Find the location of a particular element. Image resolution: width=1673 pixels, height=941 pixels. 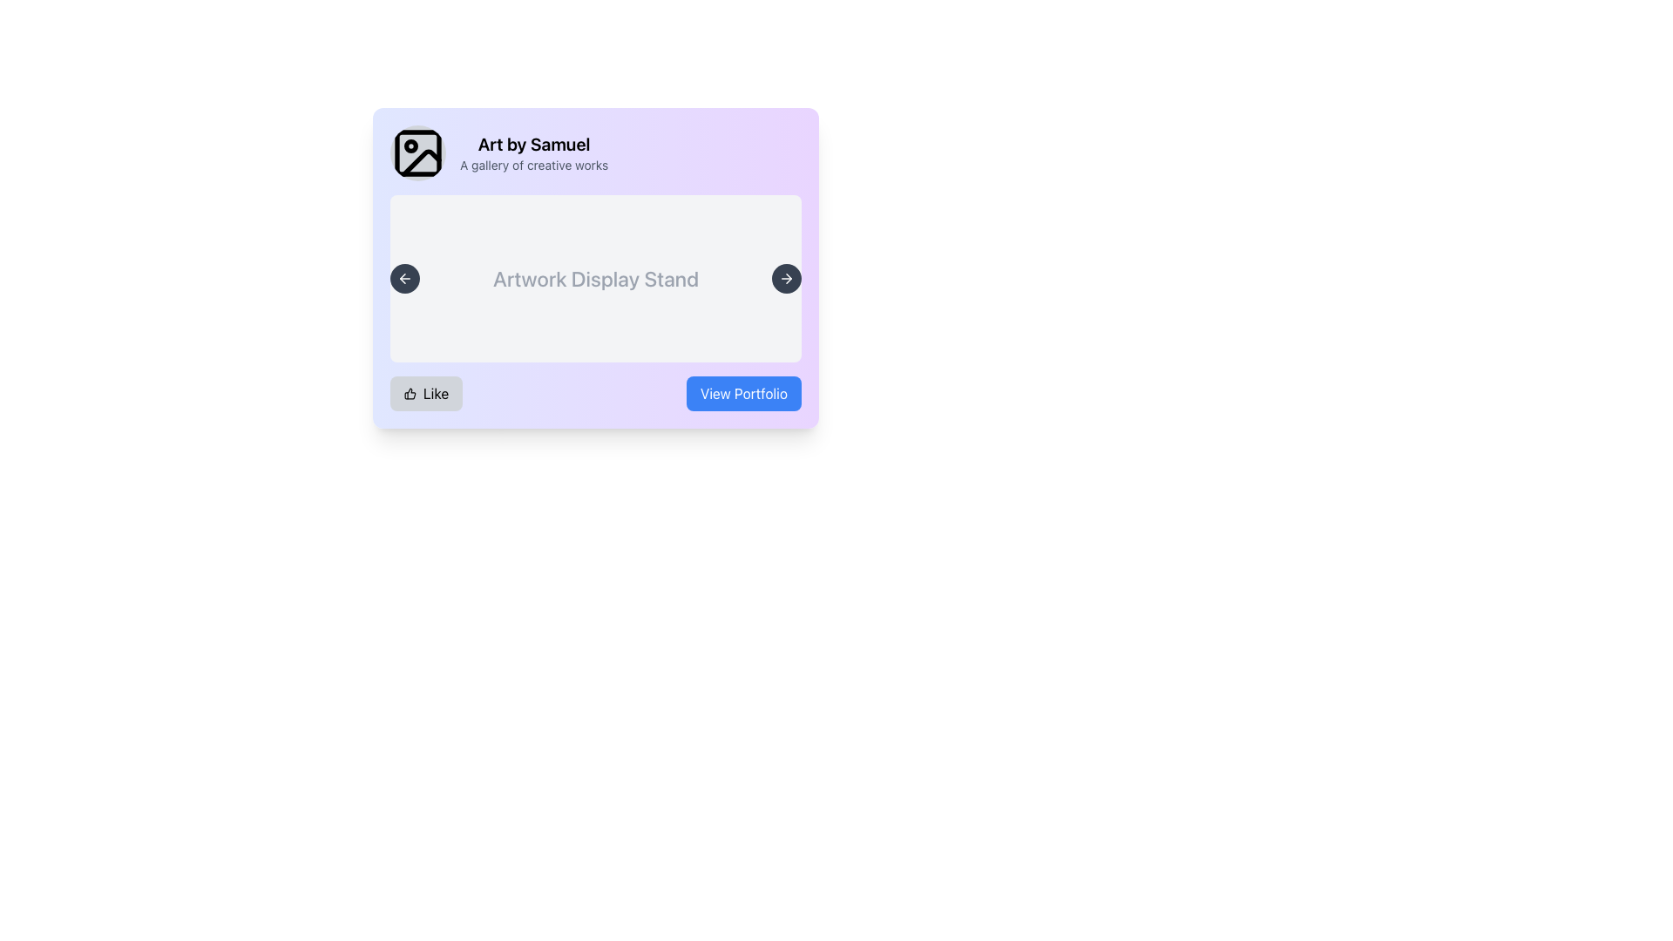

the left-facing arrow icon located on the left side of the main content area is located at coordinates (404, 278).